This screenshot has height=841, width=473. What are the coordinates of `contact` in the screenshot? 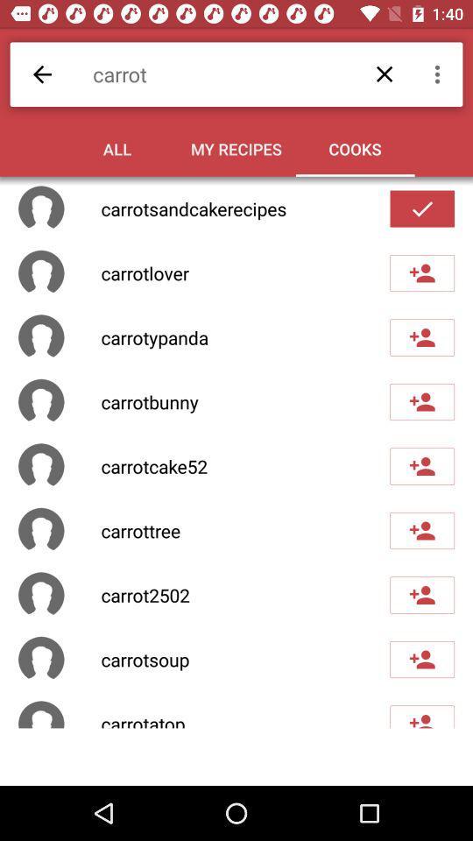 It's located at (421, 659).